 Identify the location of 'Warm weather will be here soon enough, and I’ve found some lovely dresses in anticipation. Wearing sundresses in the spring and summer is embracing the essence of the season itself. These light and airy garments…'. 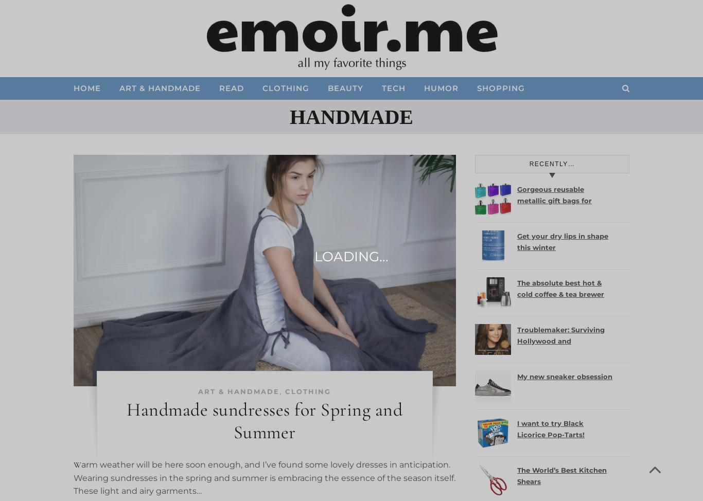
(73, 477).